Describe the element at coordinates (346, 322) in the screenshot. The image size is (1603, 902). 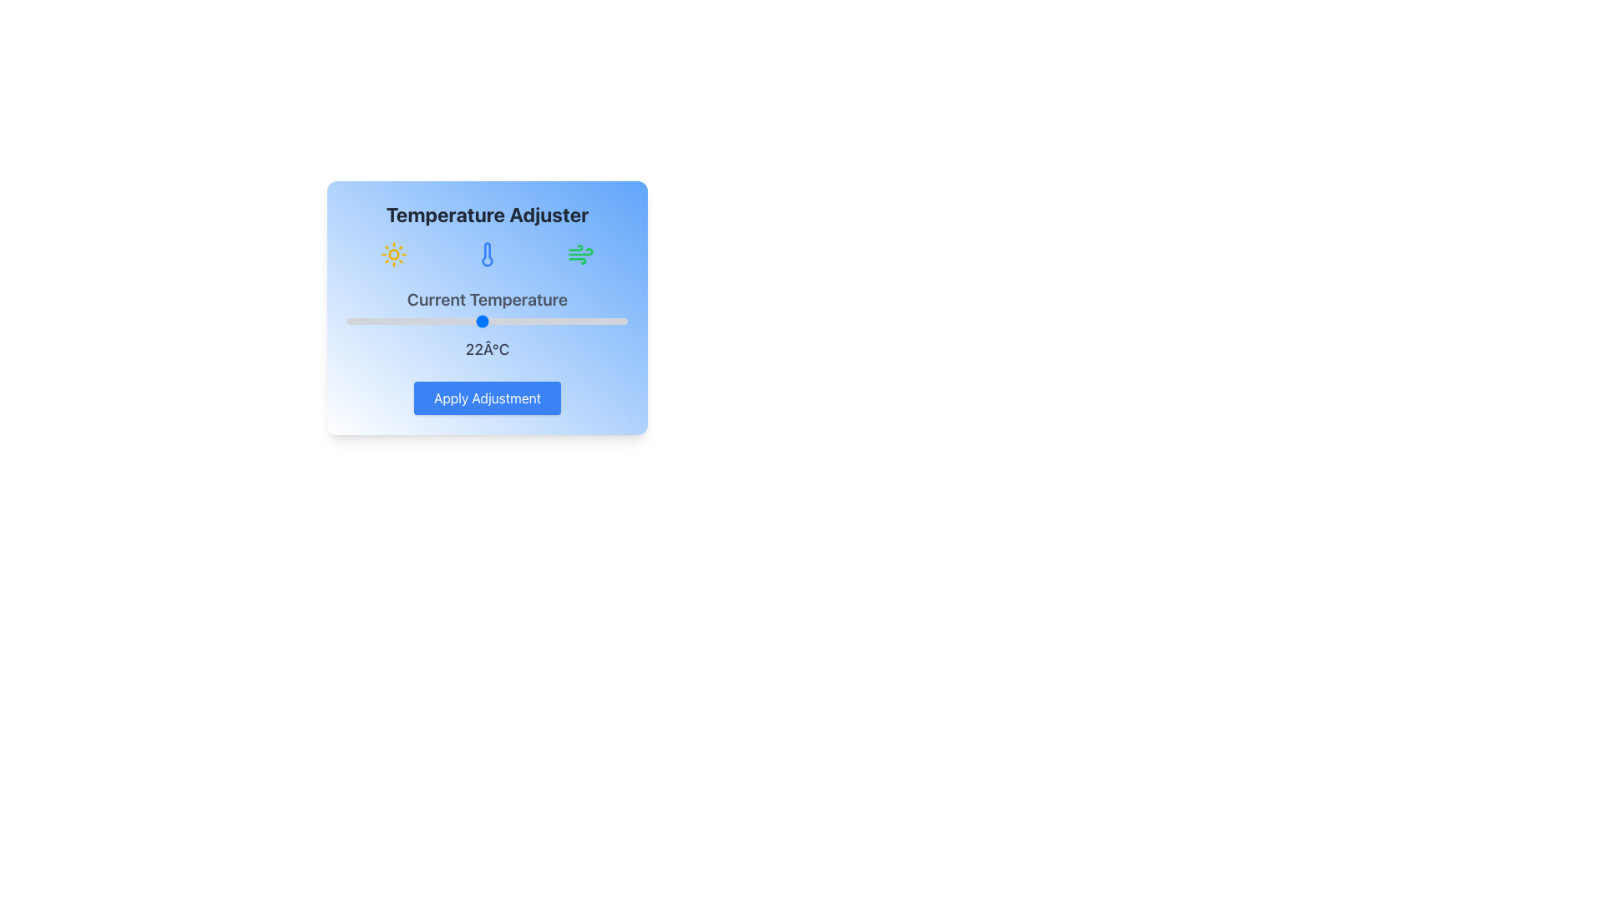
I see `the temperature` at that location.